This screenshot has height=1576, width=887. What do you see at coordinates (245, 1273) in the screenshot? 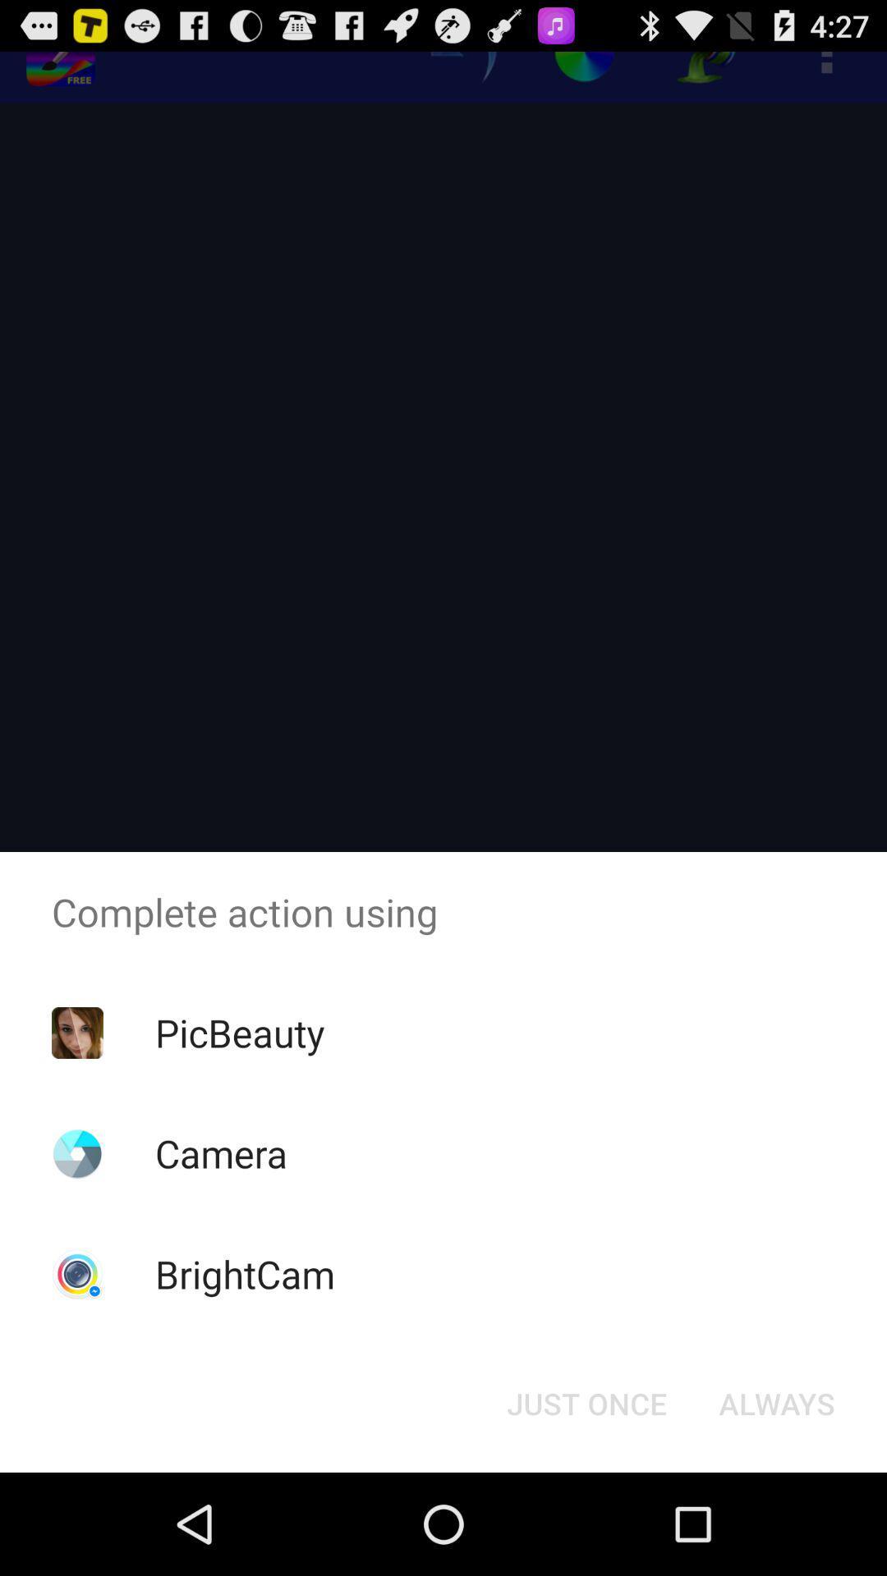
I see `the app below the camera icon` at bounding box center [245, 1273].